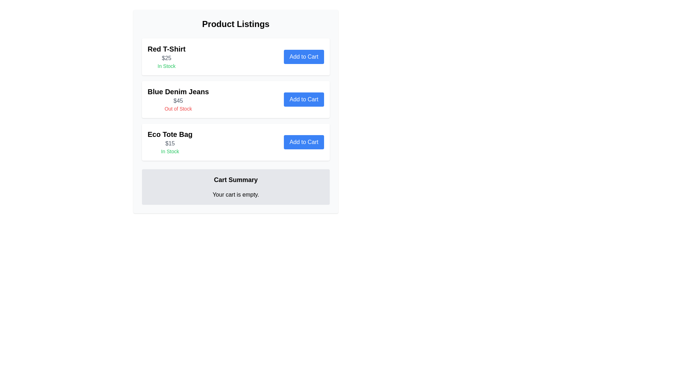 The height and width of the screenshot is (384, 683). What do you see at coordinates (304, 56) in the screenshot?
I see `the 'Add to Cart' button for the 'Red T-Shirt'` at bounding box center [304, 56].